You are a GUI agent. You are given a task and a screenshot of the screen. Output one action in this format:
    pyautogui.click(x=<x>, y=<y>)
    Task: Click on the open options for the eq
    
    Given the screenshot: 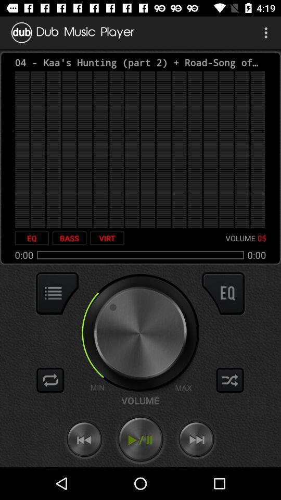 What is the action you would take?
    pyautogui.click(x=223, y=293)
    